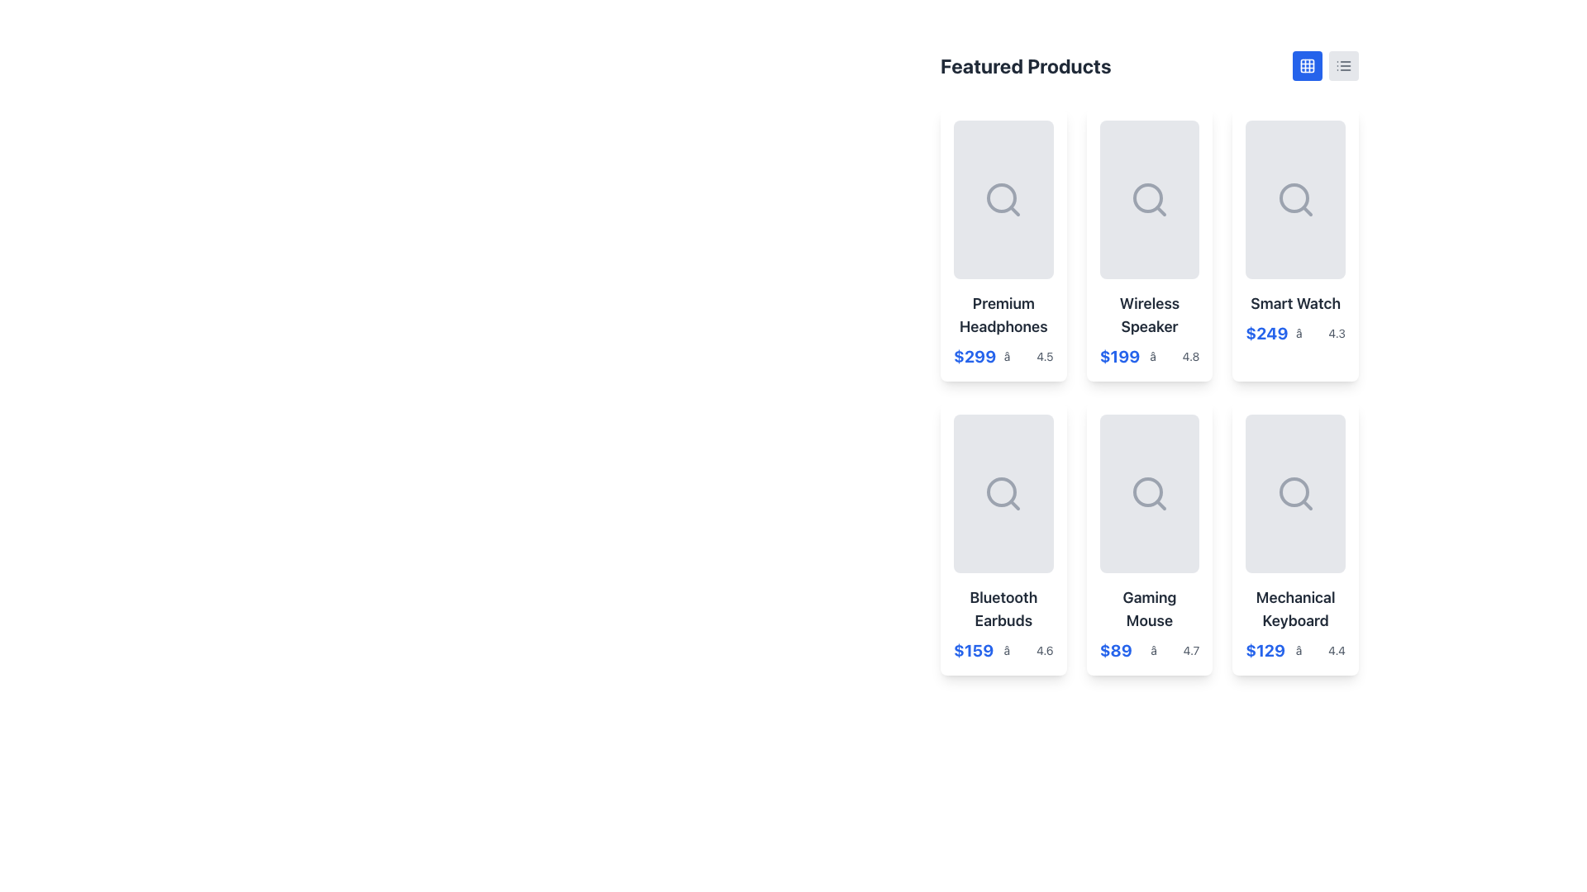 This screenshot has width=1587, height=892. I want to click on the magnifying glass icon representing search functionality, located in the card labeled 'Wireless Speaker', which is in the second column of the first row of a grid layout, so click(1149, 199).